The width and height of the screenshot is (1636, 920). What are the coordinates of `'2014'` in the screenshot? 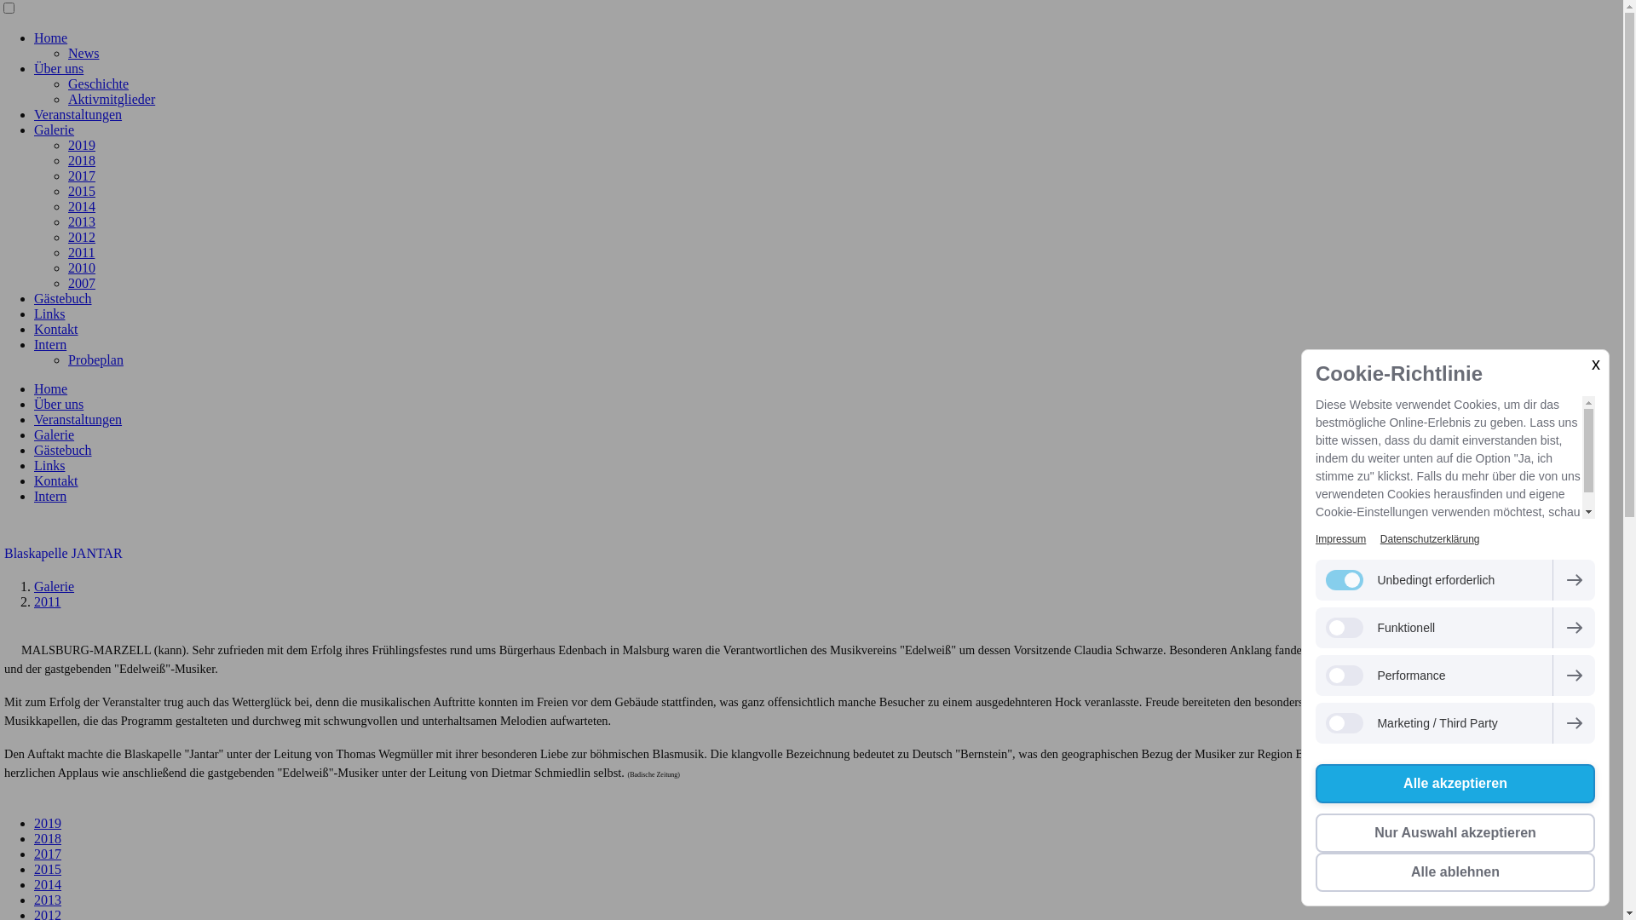 It's located at (81, 205).